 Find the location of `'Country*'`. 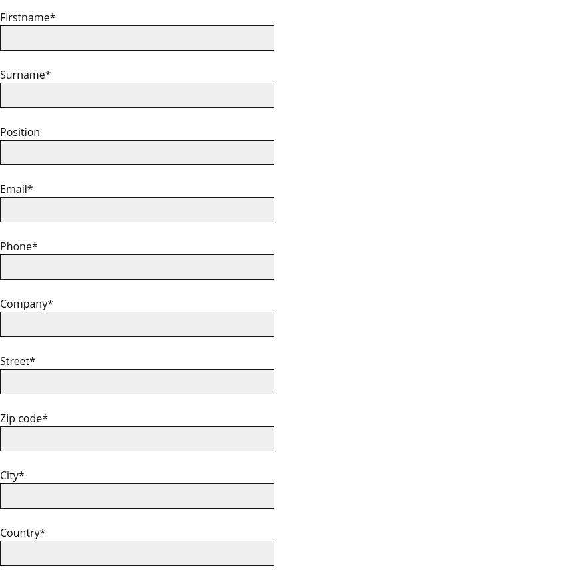

'Country*' is located at coordinates (22, 531).